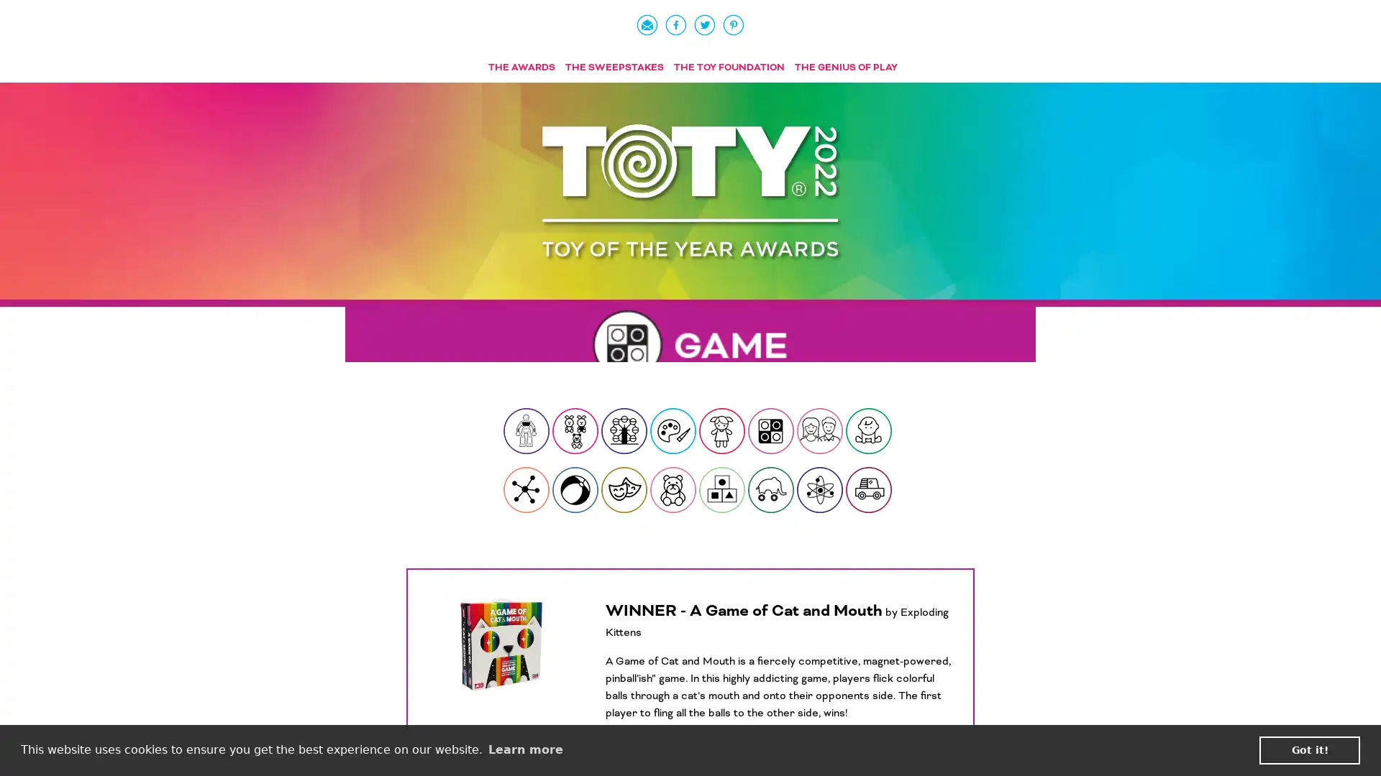  I want to click on Submit, so click(624, 430).